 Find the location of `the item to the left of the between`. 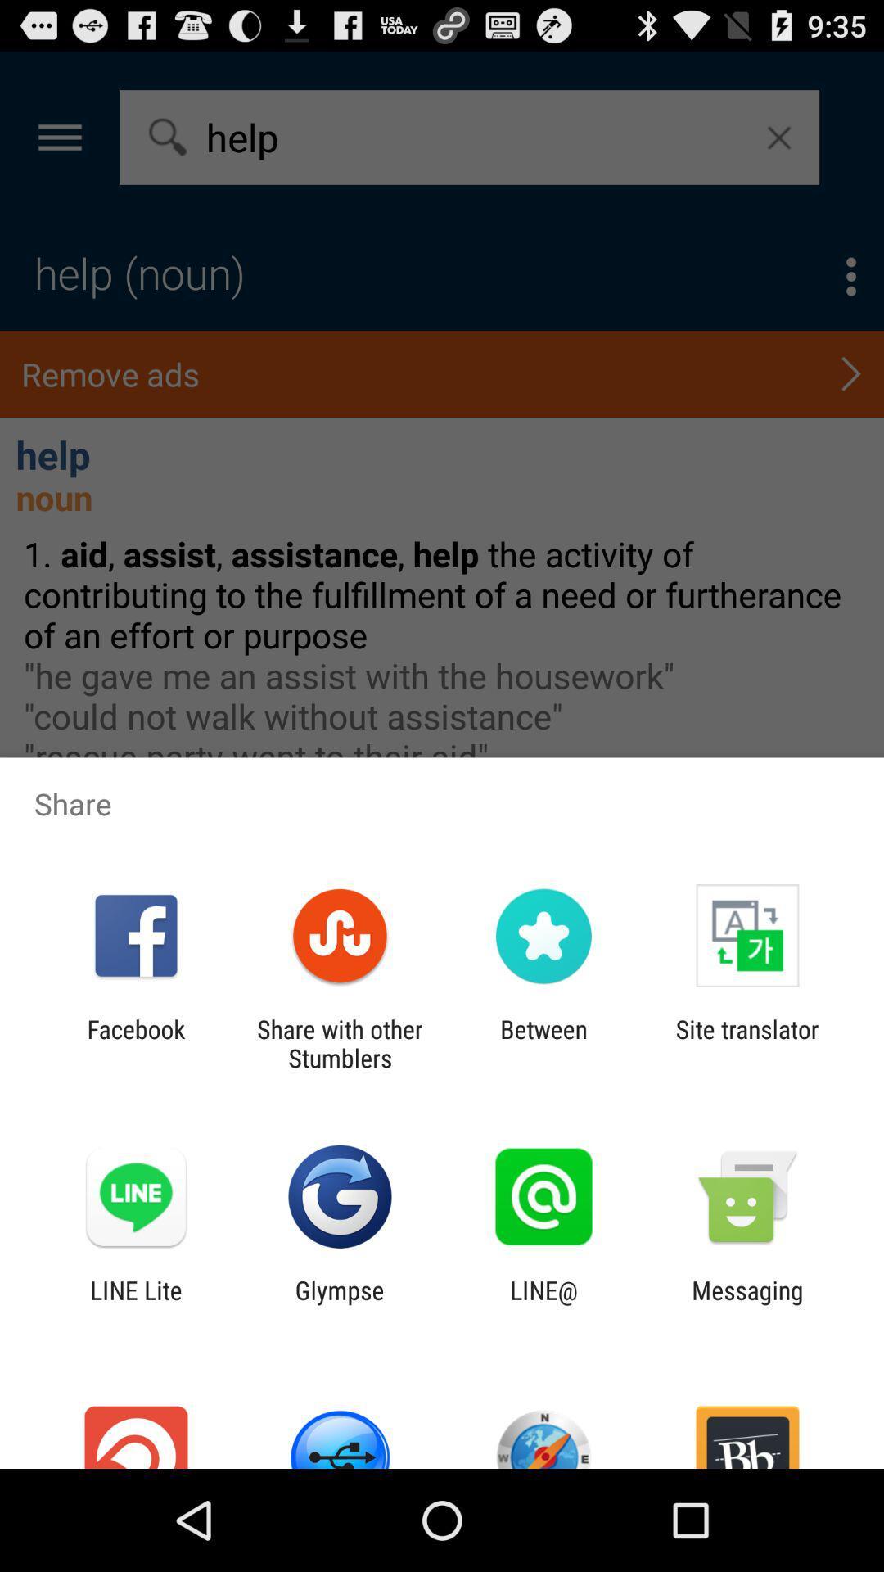

the item to the left of the between is located at coordinates (339, 1043).